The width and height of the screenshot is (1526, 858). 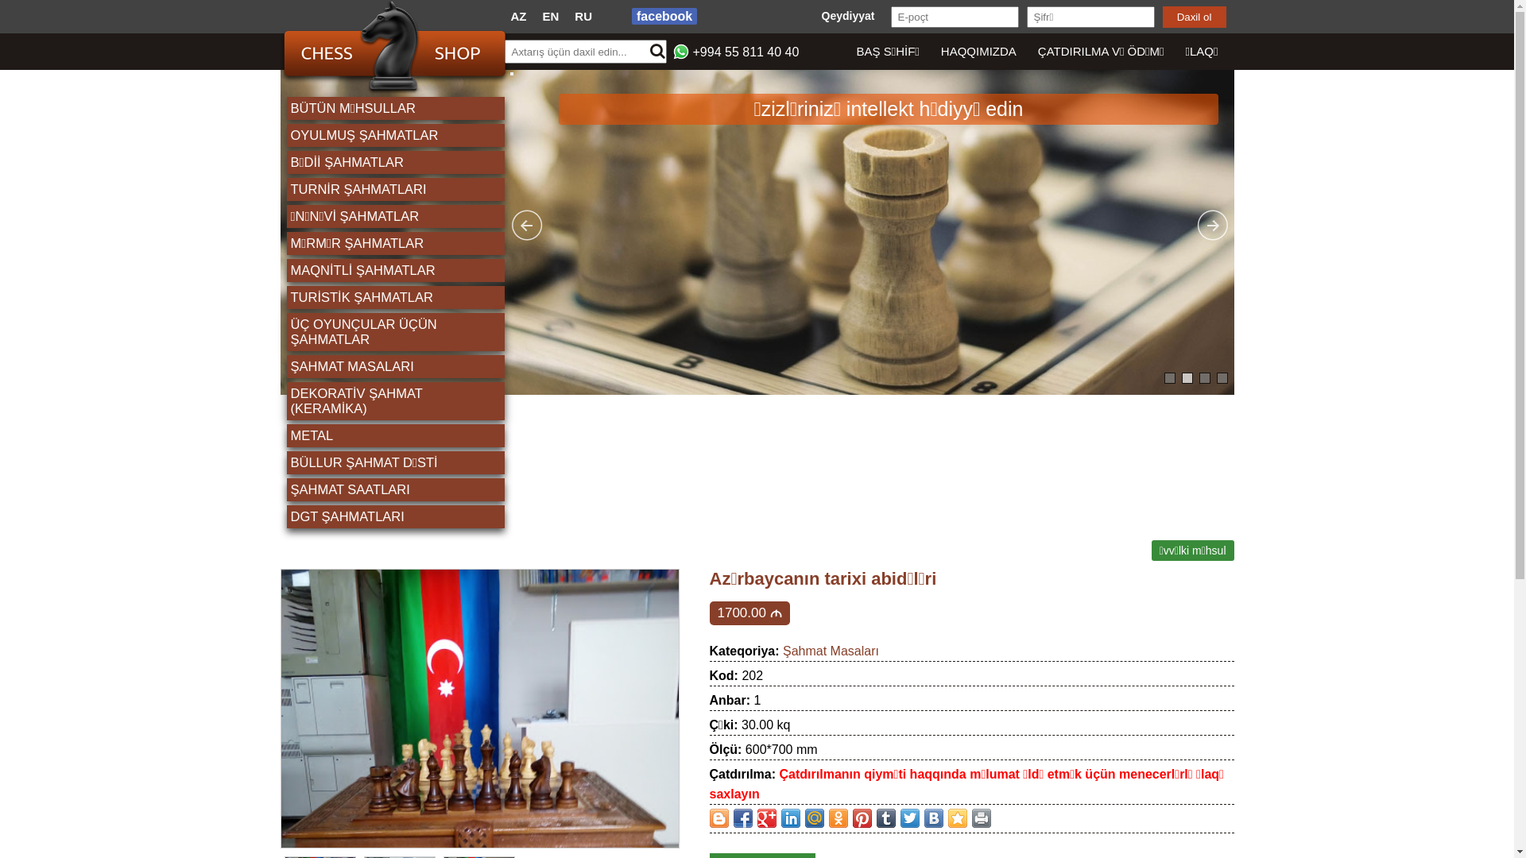 What do you see at coordinates (847, 15) in the screenshot?
I see `'Qeydiyyat'` at bounding box center [847, 15].